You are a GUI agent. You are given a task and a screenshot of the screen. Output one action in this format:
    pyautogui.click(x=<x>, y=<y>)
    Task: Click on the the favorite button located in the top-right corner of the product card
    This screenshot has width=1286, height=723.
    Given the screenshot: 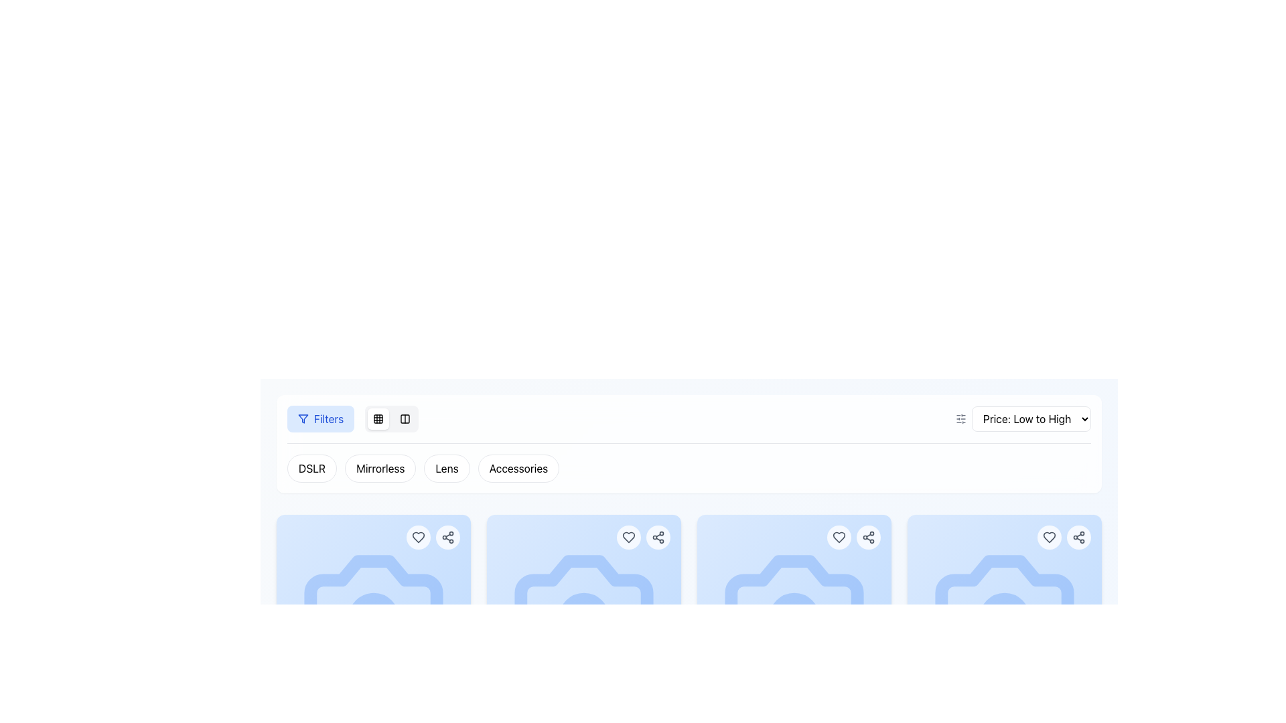 What is the action you would take?
    pyautogui.click(x=1048, y=536)
    